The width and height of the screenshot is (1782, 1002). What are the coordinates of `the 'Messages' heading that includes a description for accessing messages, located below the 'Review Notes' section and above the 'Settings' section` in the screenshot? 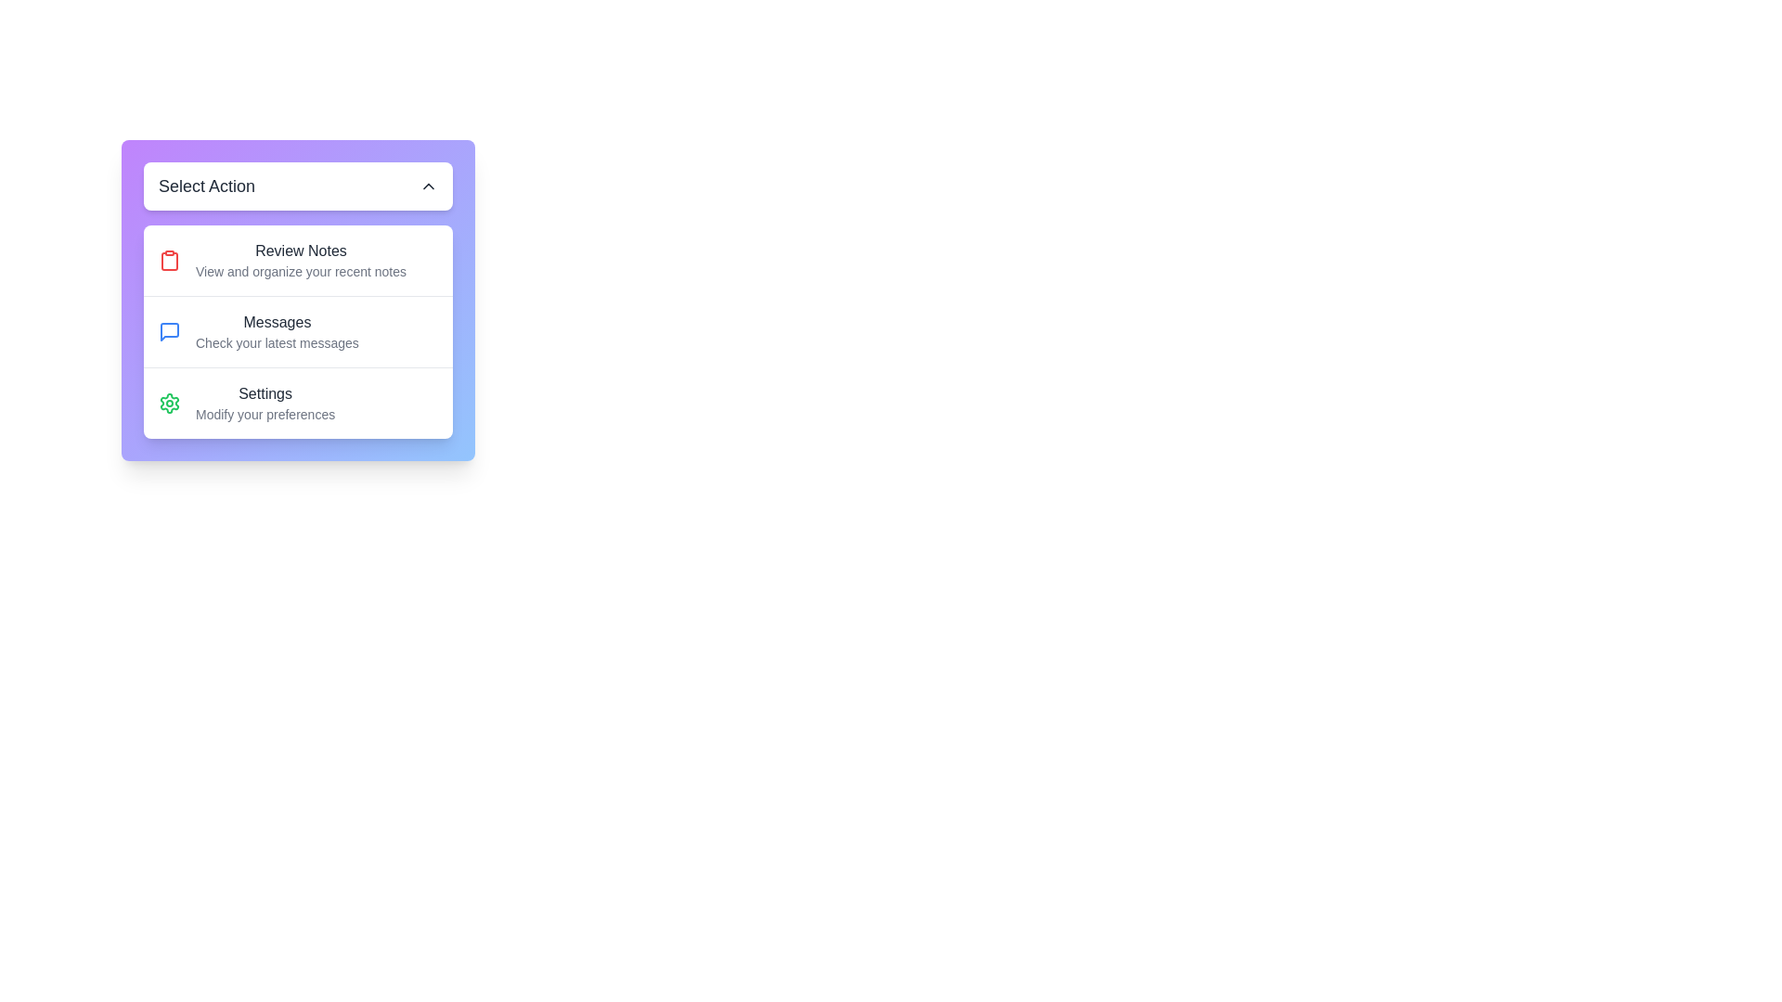 It's located at (276, 331).